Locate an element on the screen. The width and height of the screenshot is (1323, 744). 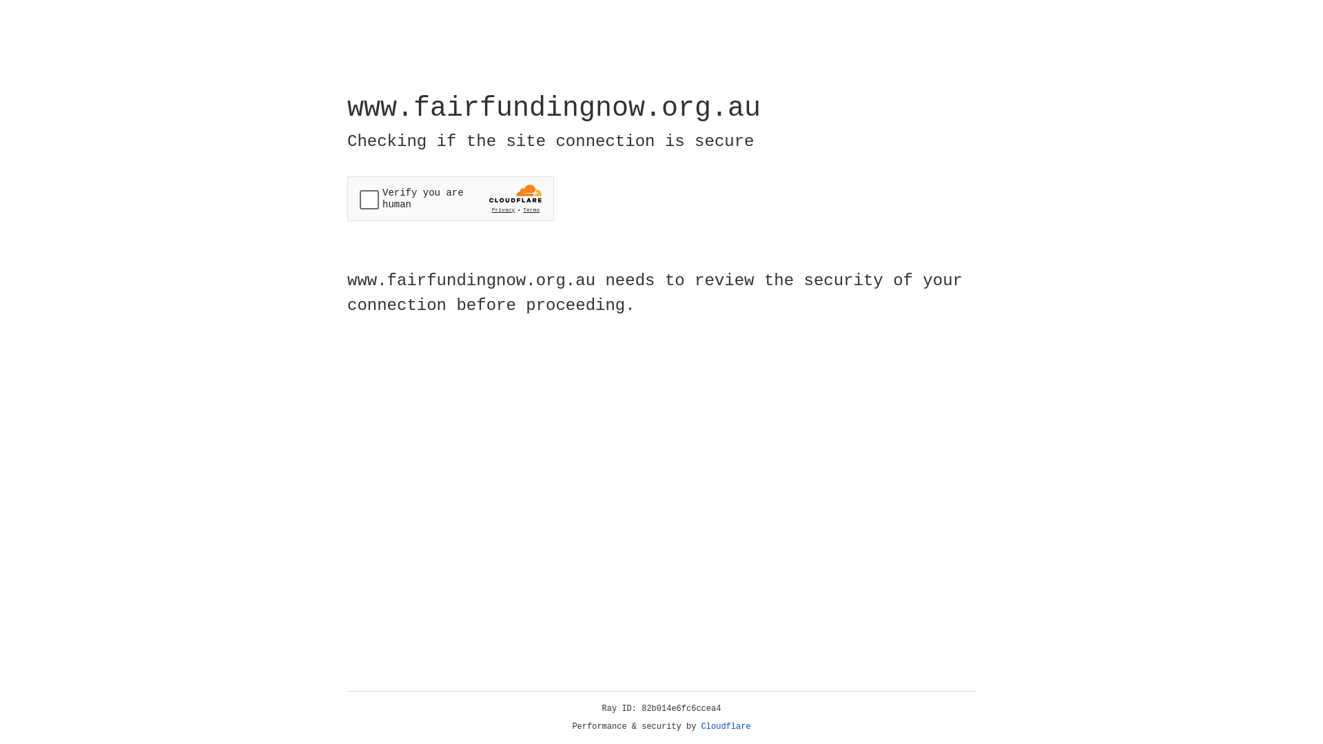
'Widget containing a Cloudflare security challenge' is located at coordinates (450, 198).